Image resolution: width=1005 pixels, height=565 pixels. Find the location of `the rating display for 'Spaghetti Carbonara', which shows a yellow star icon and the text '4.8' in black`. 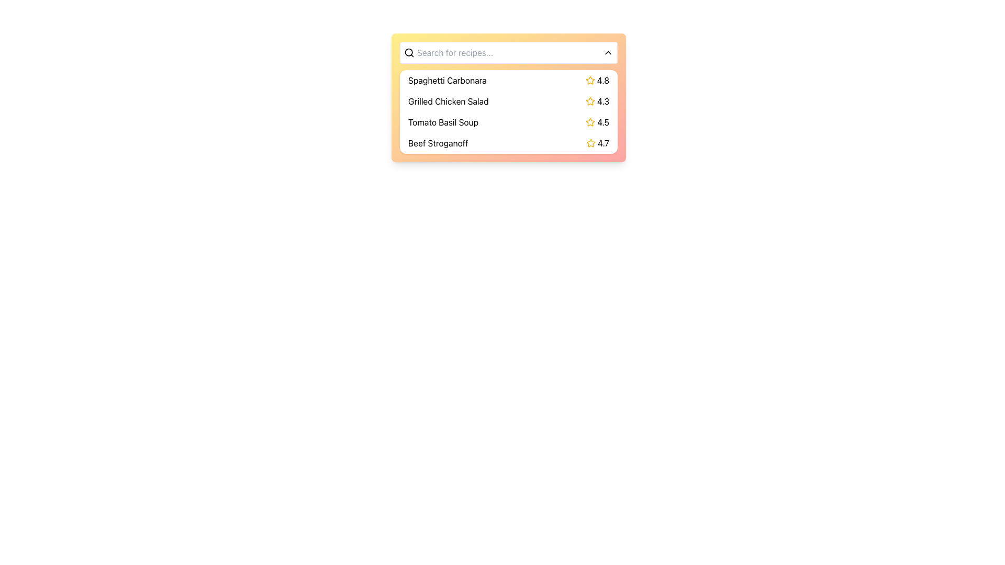

the rating display for 'Spaghetti Carbonara', which shows a yellow star icon and the text '4.8' in black is located at coordinates (597, 80).